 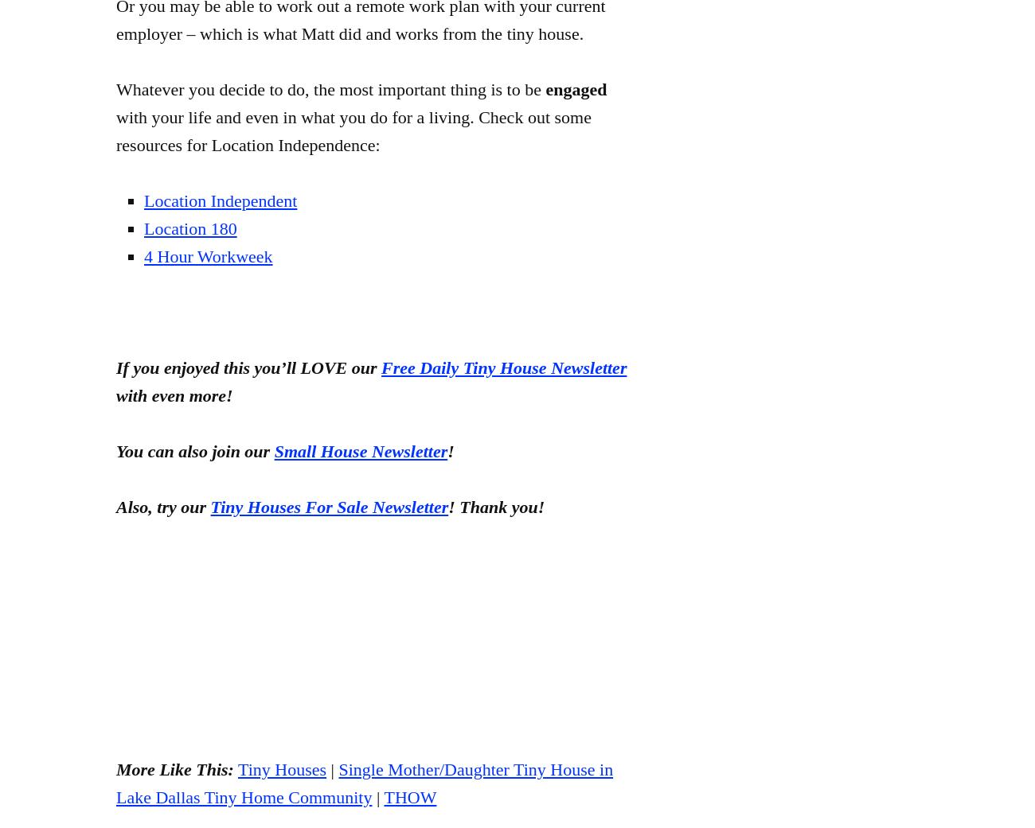 What do you see at coordinates (163, 506) in the screenshot?
I see `'Also, try our'` at bounding box center [163, 506].